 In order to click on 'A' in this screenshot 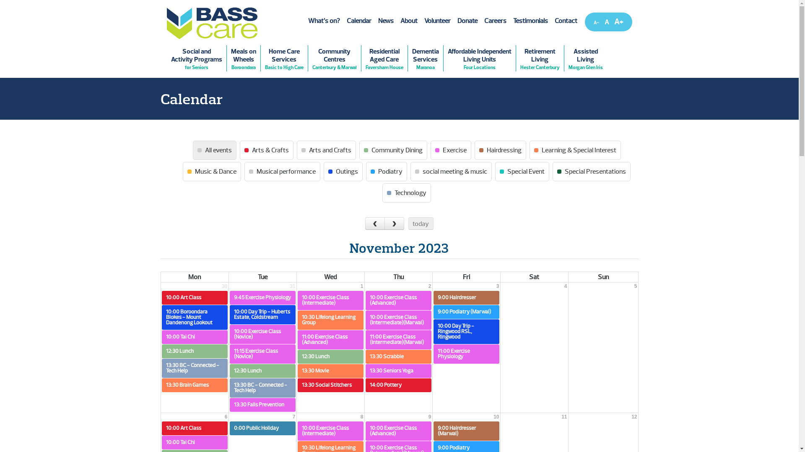, I will do `click(606, 22)`.